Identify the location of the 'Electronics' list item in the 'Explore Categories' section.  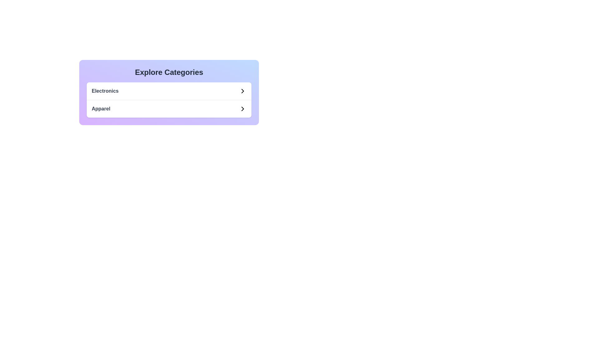
(169, 91).